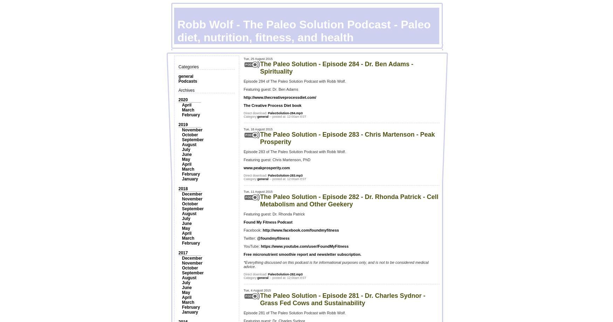  Describe the element at coordinates (243, 58) in the screenshot. I see `'Tue, 25 August 2015'` at that location.